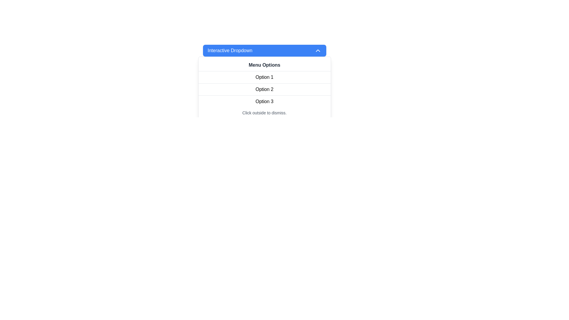 This screenshot has height=320, width=569. I want to click on the gray text label stating 'Click outside to dismiss.' located at the bottom of the dropdown menu, so click(264, 113).